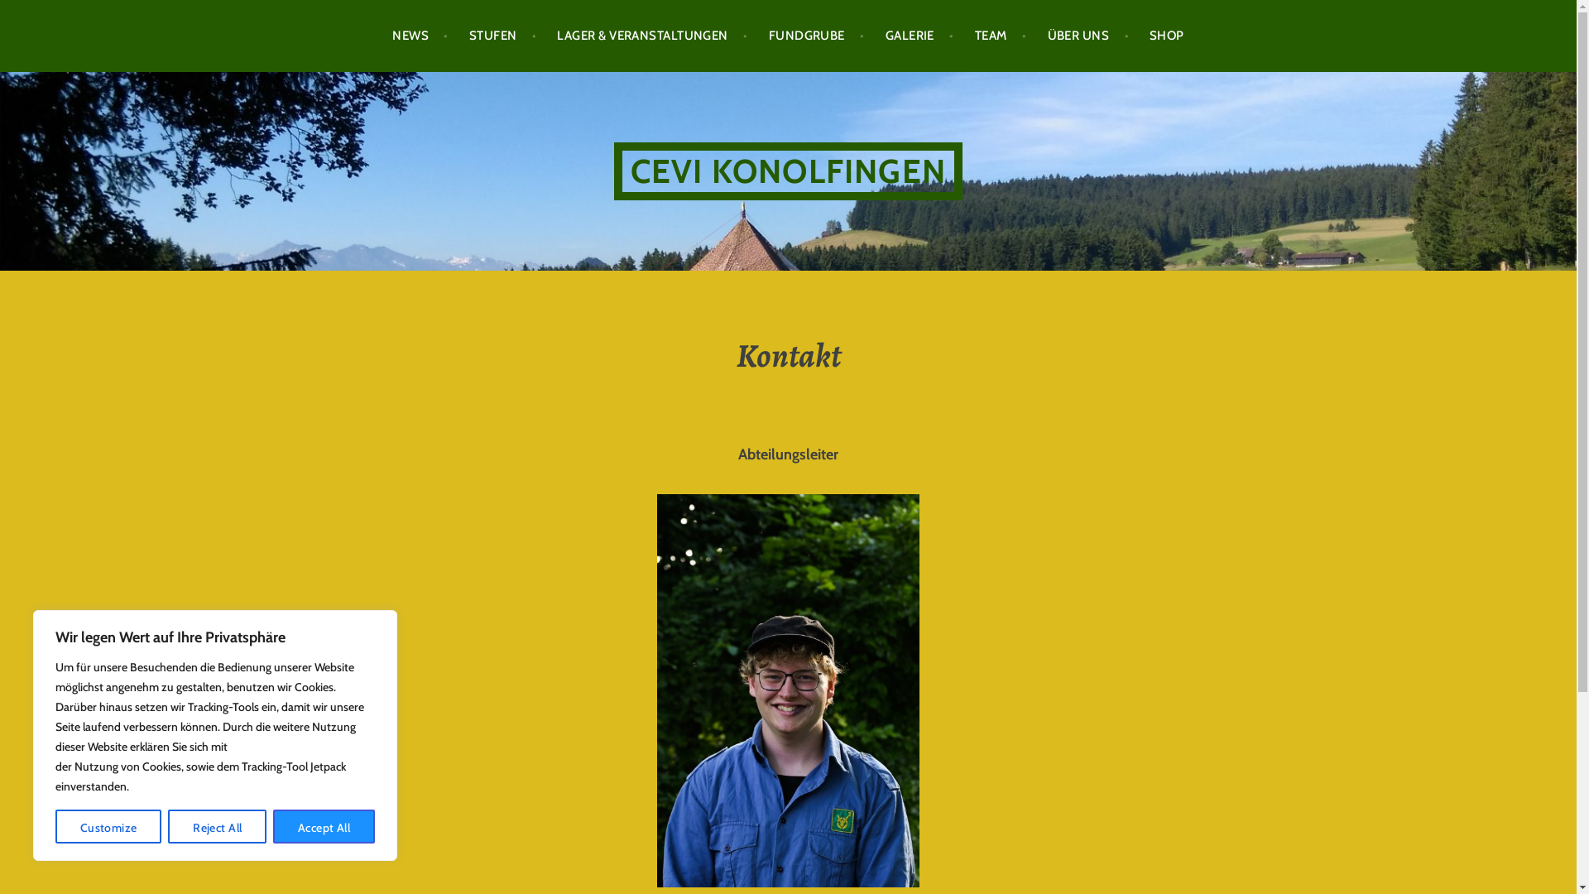 The height and width of the screenshot is (894, 1589). What do you see at coordinates (817, 36) in the screenshot?
I see `'FUNDGRUBE'` at bounding box center [817, 36].